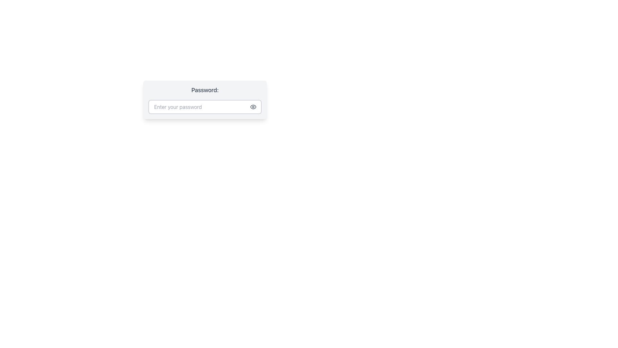 Image resolution: width=618 pixels, height=348 pixels. I want to click on the button with a rounded rectangle shape that features a centered eye icon, so click(253, 106).